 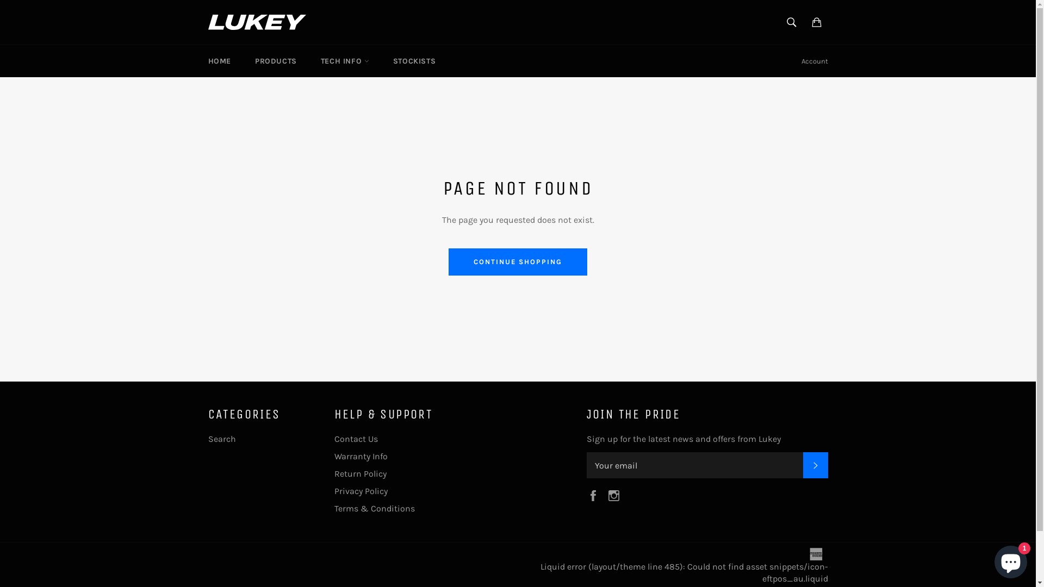 I want to click on 'HOME', so click(x=219, y=61).